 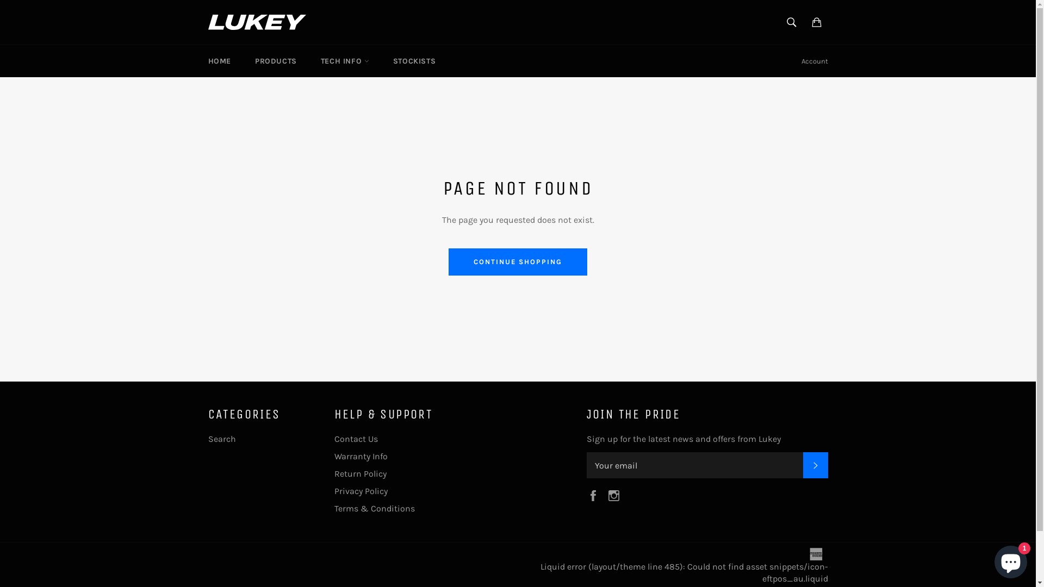 I want to click on 'HOME', so click(x=219, y=61).